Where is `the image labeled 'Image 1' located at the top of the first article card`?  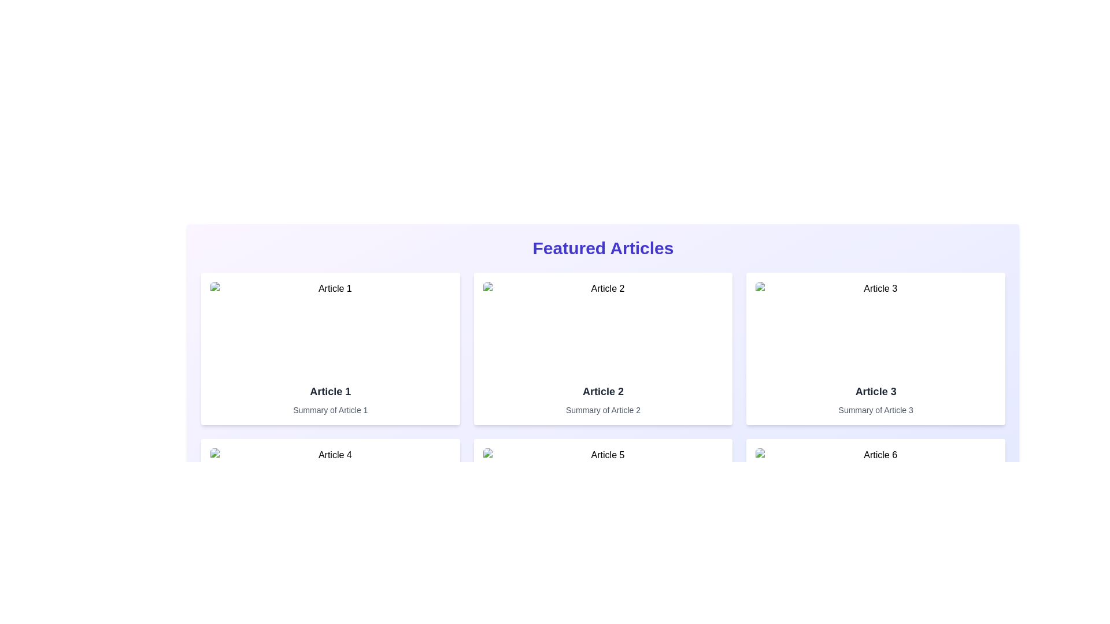 the image labeled 'Image 1' located at the top of the first article card is located at coordinates (330, 328).